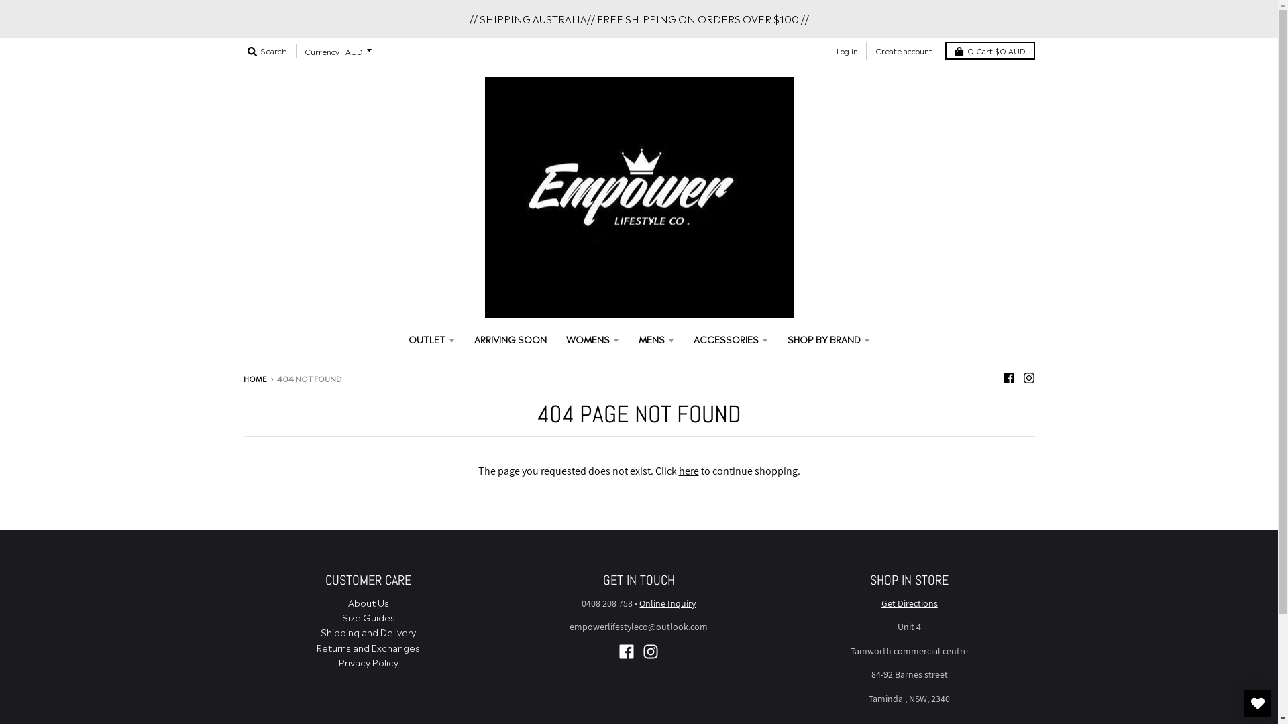  What do you see at coordinates (1257, 703) in the screenshot?
I see `'MY WISHLIST'` at bounding box center [1257, 703].